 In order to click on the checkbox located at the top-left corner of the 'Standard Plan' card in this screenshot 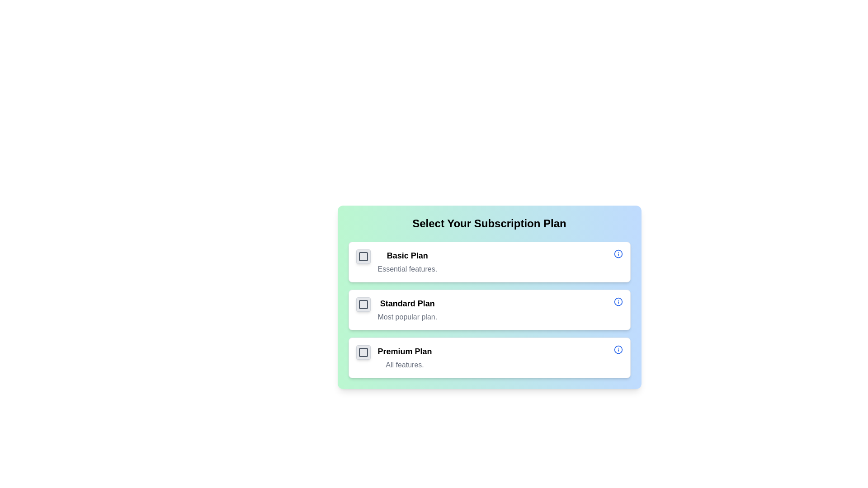, I will do `click(363, 305)`.